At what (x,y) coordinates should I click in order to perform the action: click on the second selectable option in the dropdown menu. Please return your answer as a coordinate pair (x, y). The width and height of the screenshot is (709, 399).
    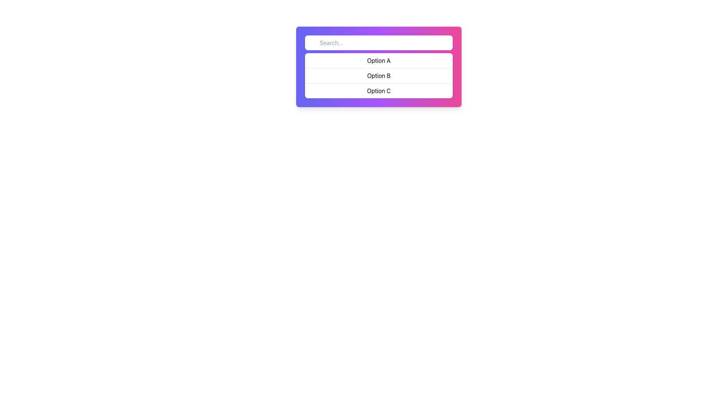
    Looking at the image, I should click on (379, 75).